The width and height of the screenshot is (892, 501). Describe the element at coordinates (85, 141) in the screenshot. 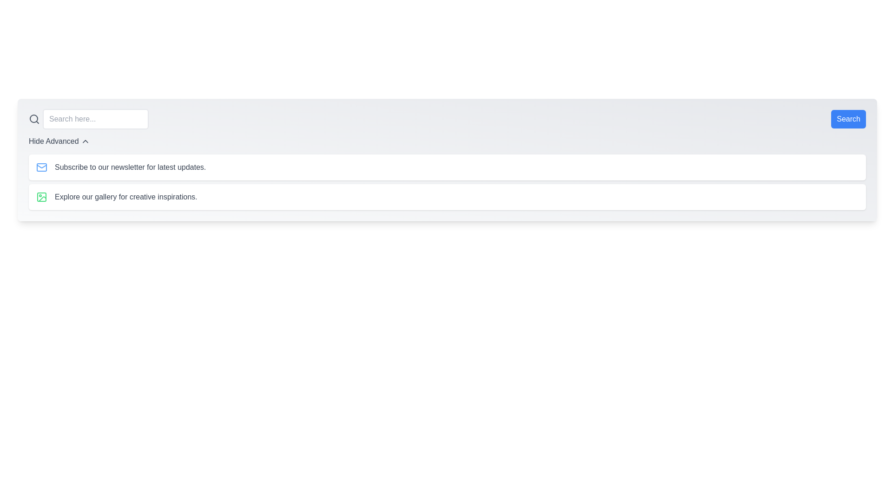

I see `the chevron icon located to the right of the 'Hide Advanced' text` at that location.